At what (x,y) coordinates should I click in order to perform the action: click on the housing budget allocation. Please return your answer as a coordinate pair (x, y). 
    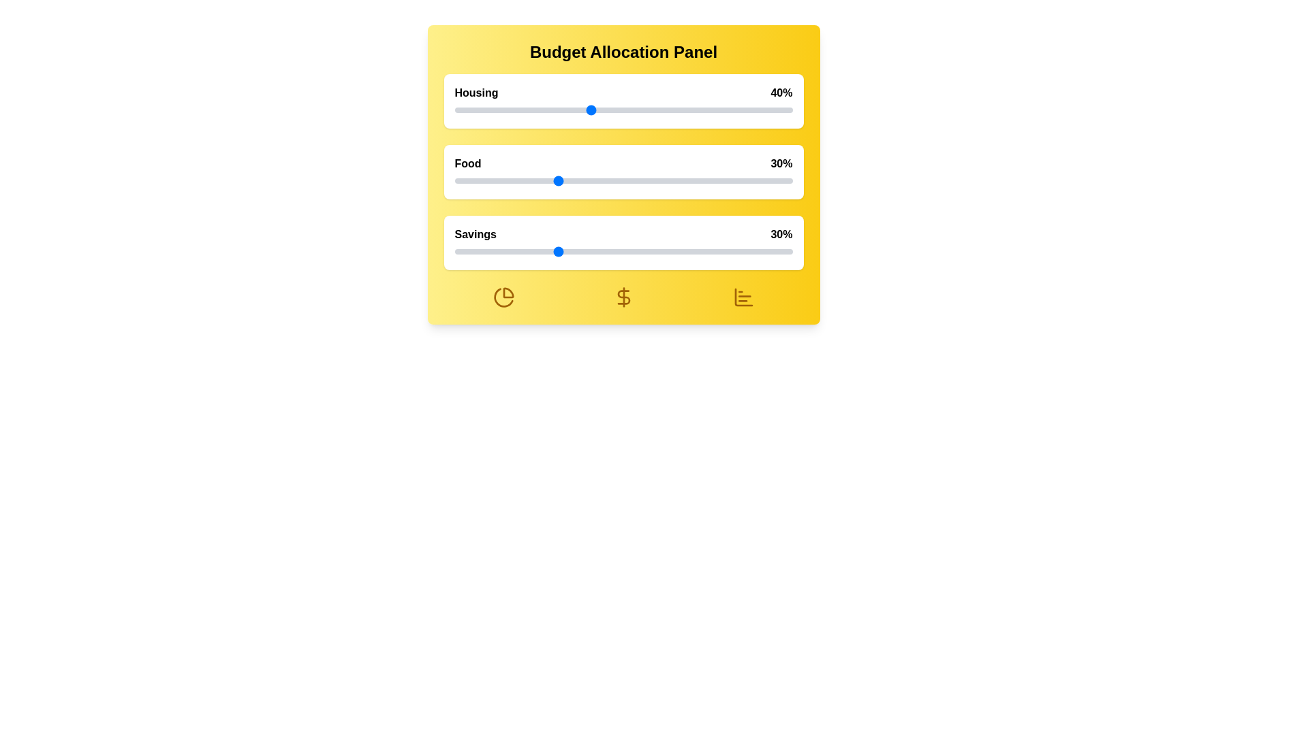
    Looking at the image, I should click on (612, 110).